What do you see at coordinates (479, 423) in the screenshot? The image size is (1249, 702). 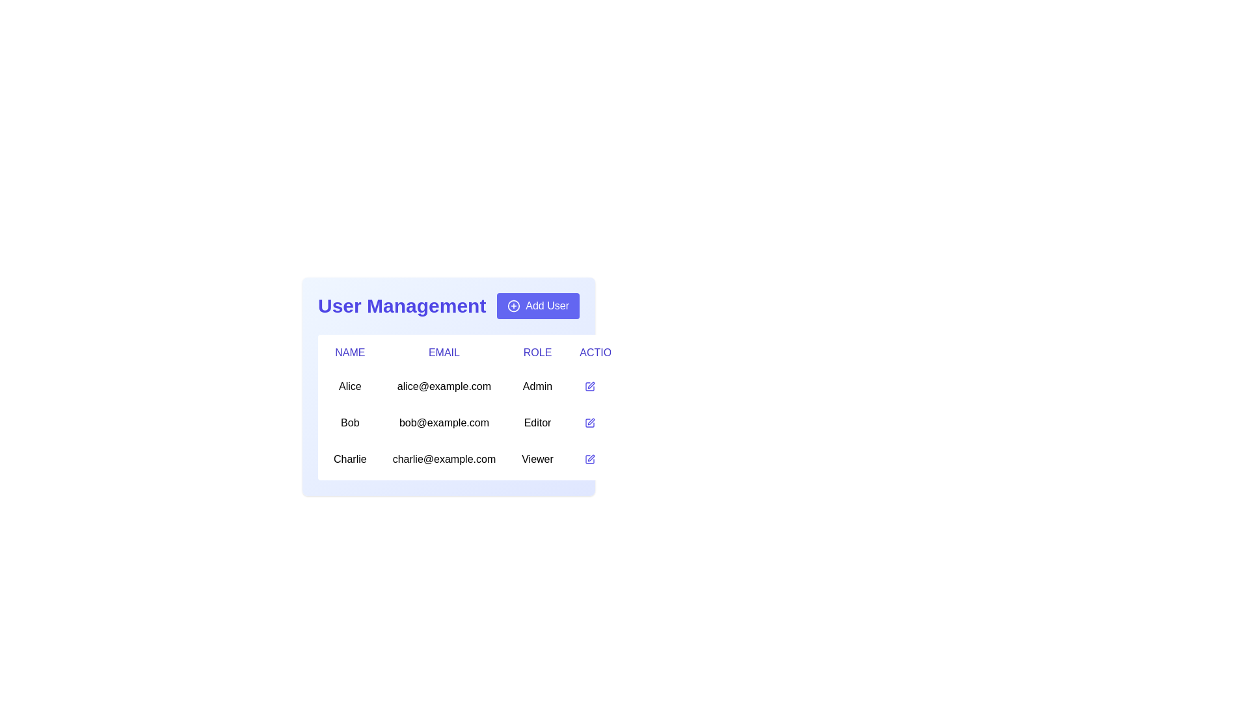 I see `the details of the user information in the table component by reading the data presented in the rows beneath the headings` at bounding box center [479, 423].